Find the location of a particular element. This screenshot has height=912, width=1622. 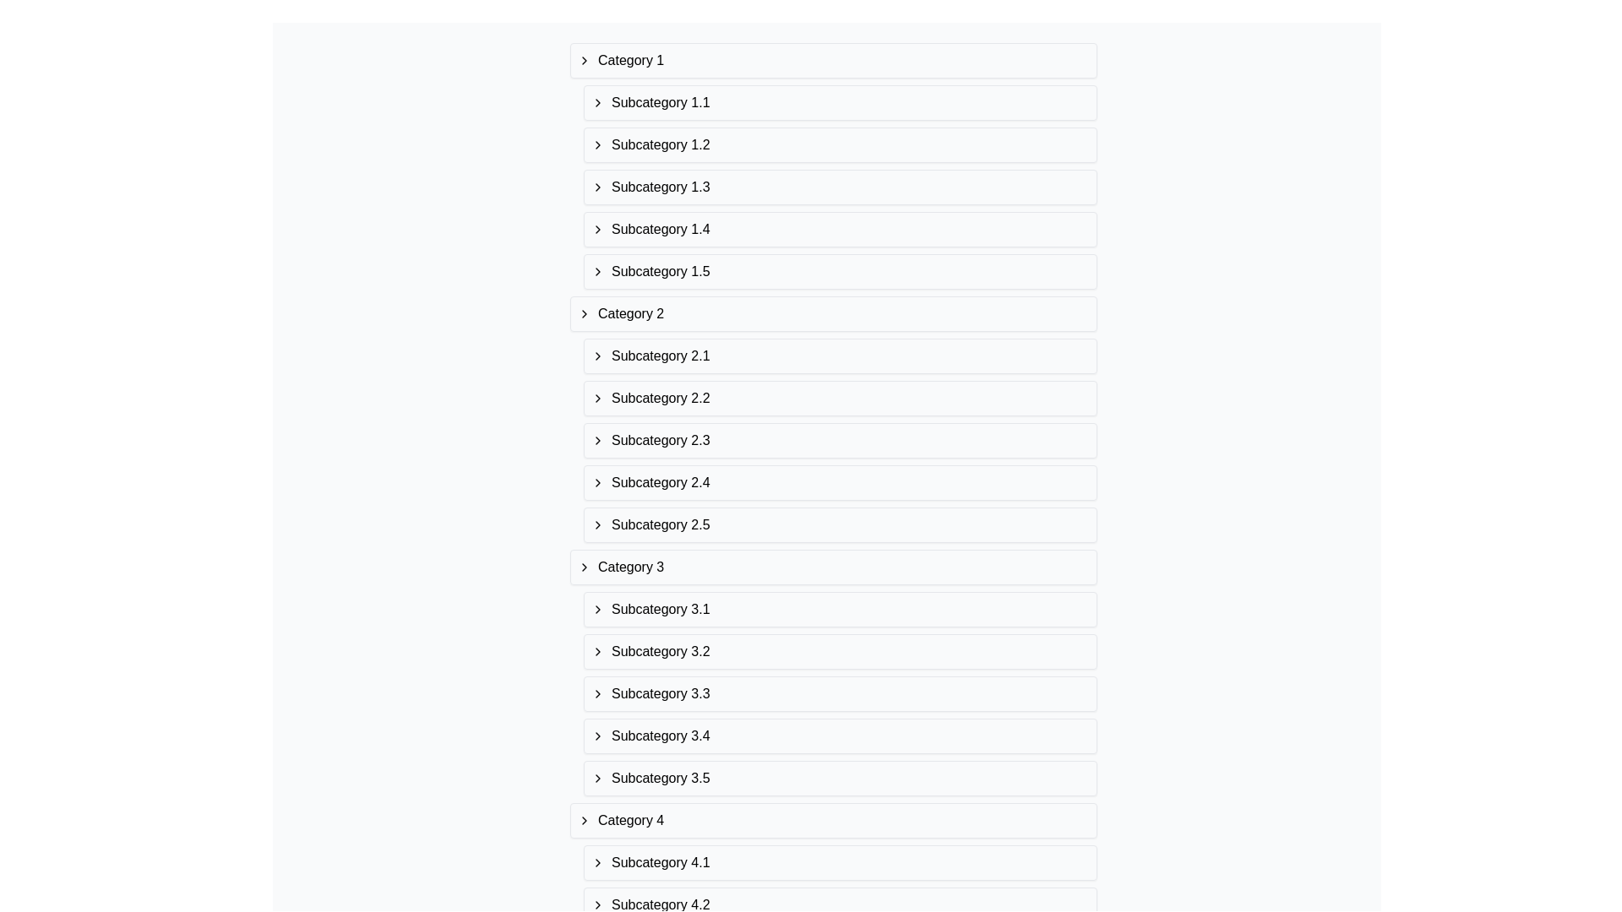

the expand icon located to the left of the text label 'Category 4' is located at coordinates (584, 820).